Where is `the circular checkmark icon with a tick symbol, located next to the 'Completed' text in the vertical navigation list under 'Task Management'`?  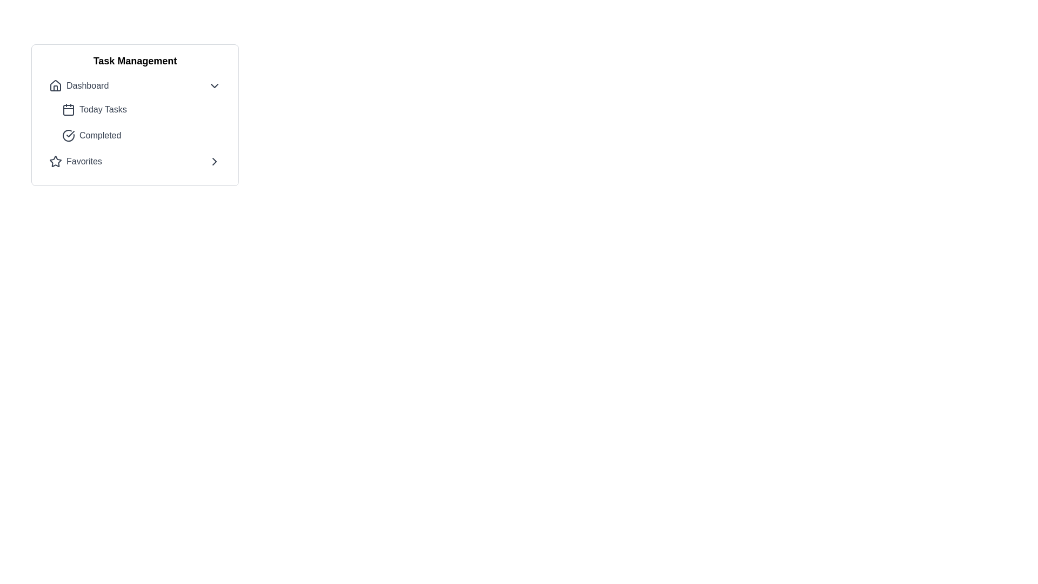 the circular checkmark icon with a tick symbol, located next to the 'Completed' text in the vertical navigation list under 'Task Management' is located at coordinates (68, 135).